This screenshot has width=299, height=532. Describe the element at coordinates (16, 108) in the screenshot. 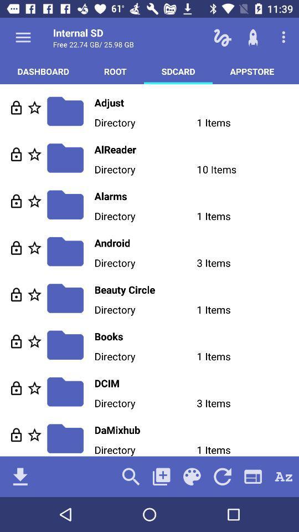

I see `lock and folder` at that location.